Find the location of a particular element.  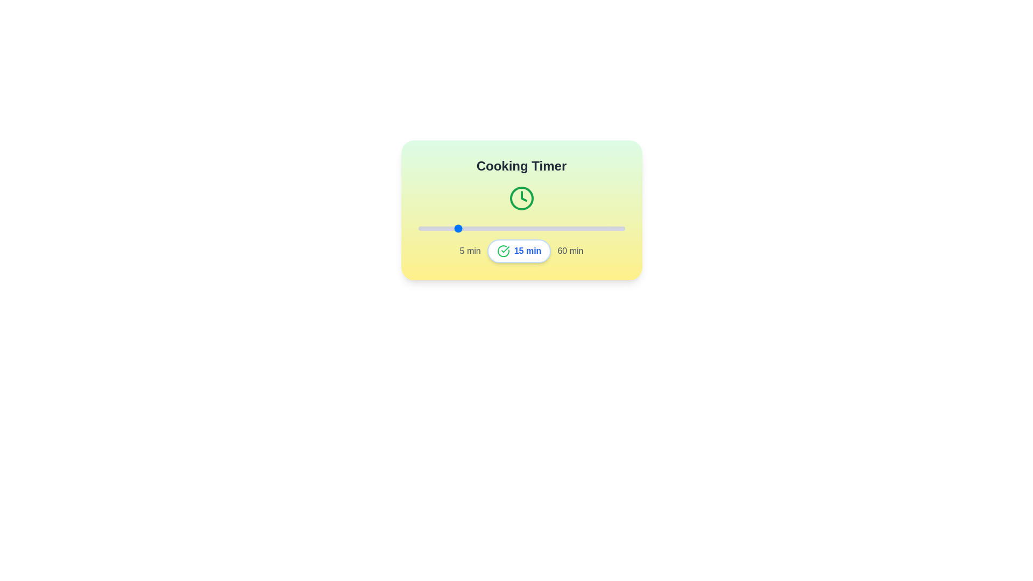

cooking timer is located at coordinates (579, 228).